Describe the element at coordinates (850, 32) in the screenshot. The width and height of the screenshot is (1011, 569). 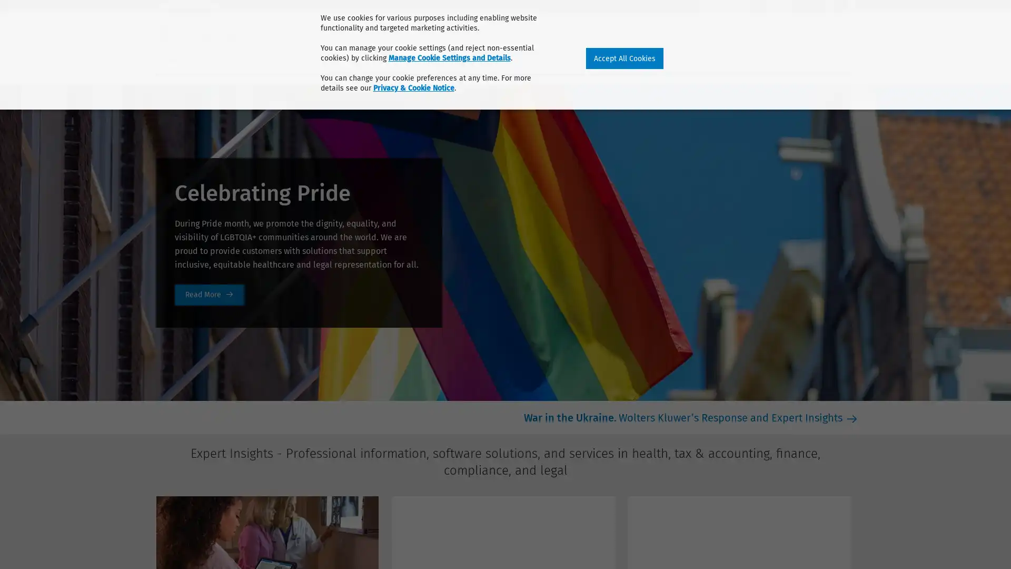
I see `Close drawer.` at that location.